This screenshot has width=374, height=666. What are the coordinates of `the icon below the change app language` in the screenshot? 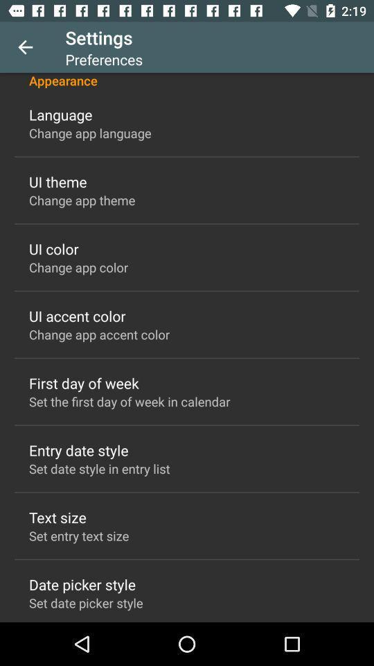 It's located at (57, 181).